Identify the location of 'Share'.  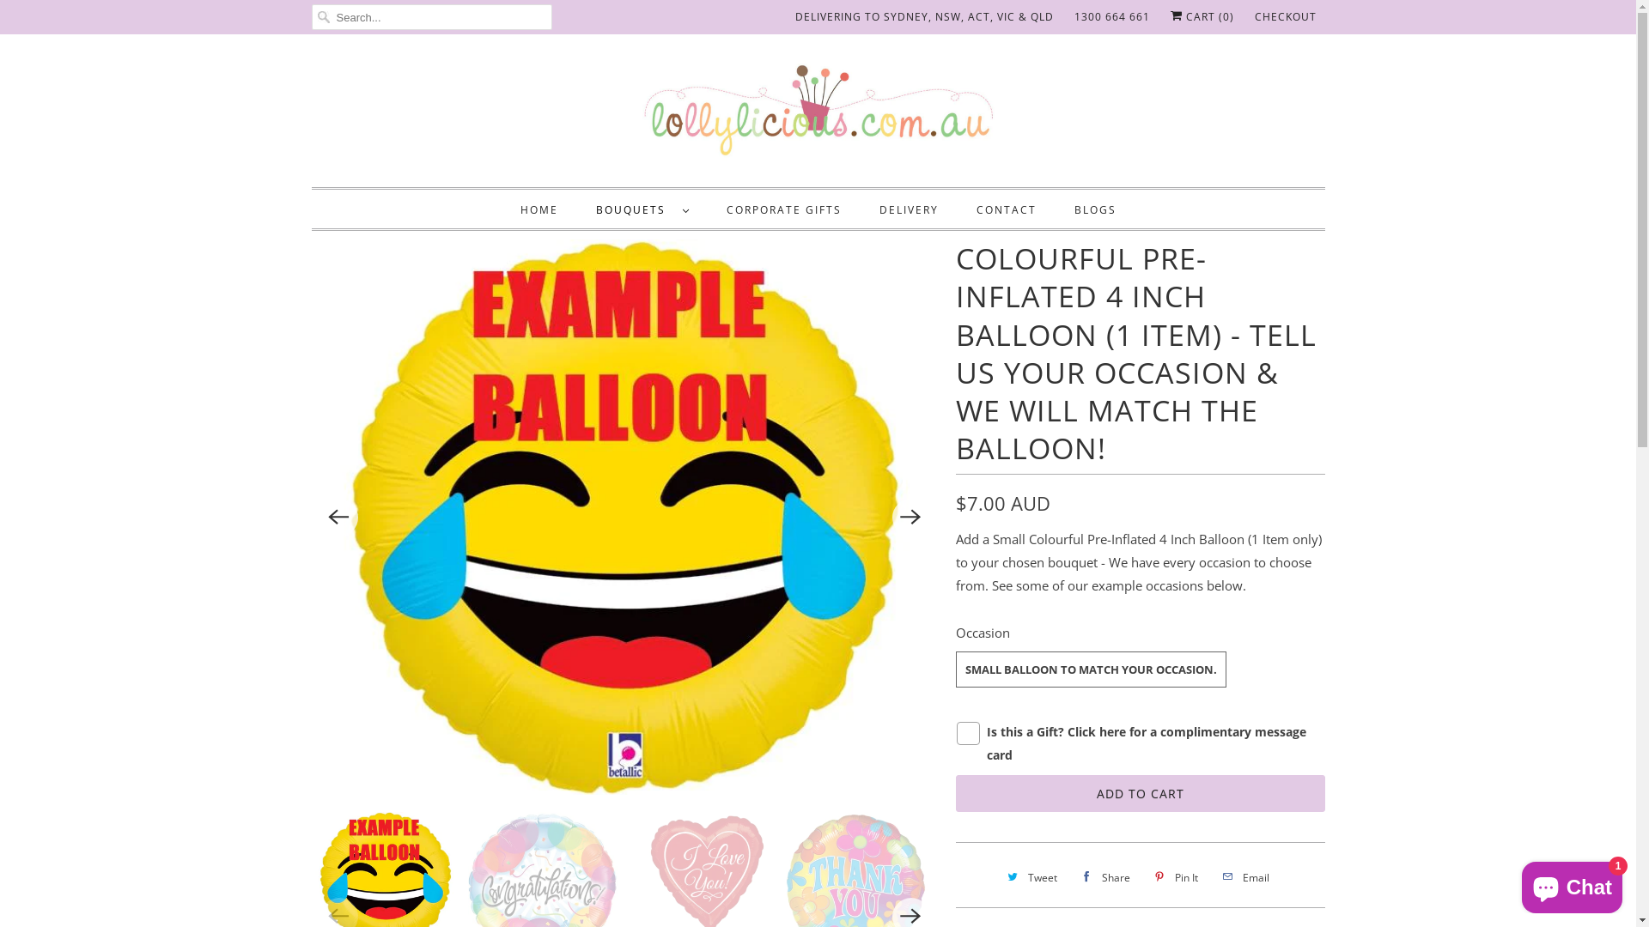
(1104, 877).